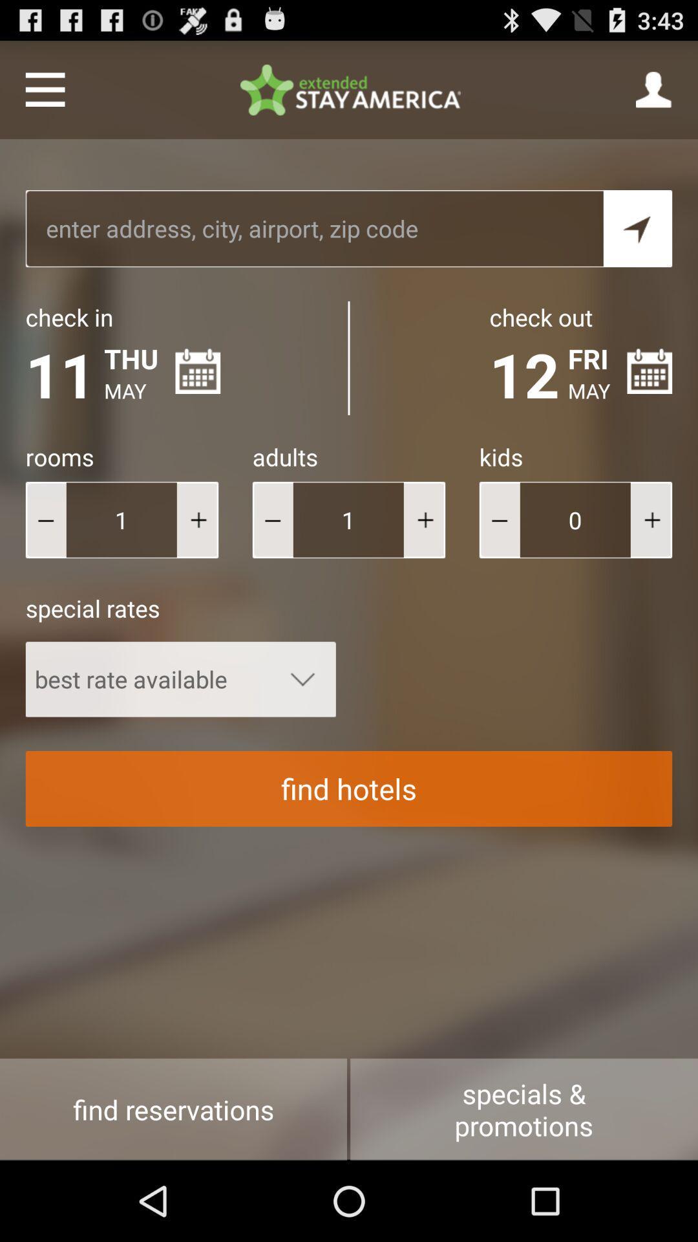 This screenshot has width=698, height=1242. Describe the element at coordinates (654, 89) in the screenshot. I see `profile` at that location.